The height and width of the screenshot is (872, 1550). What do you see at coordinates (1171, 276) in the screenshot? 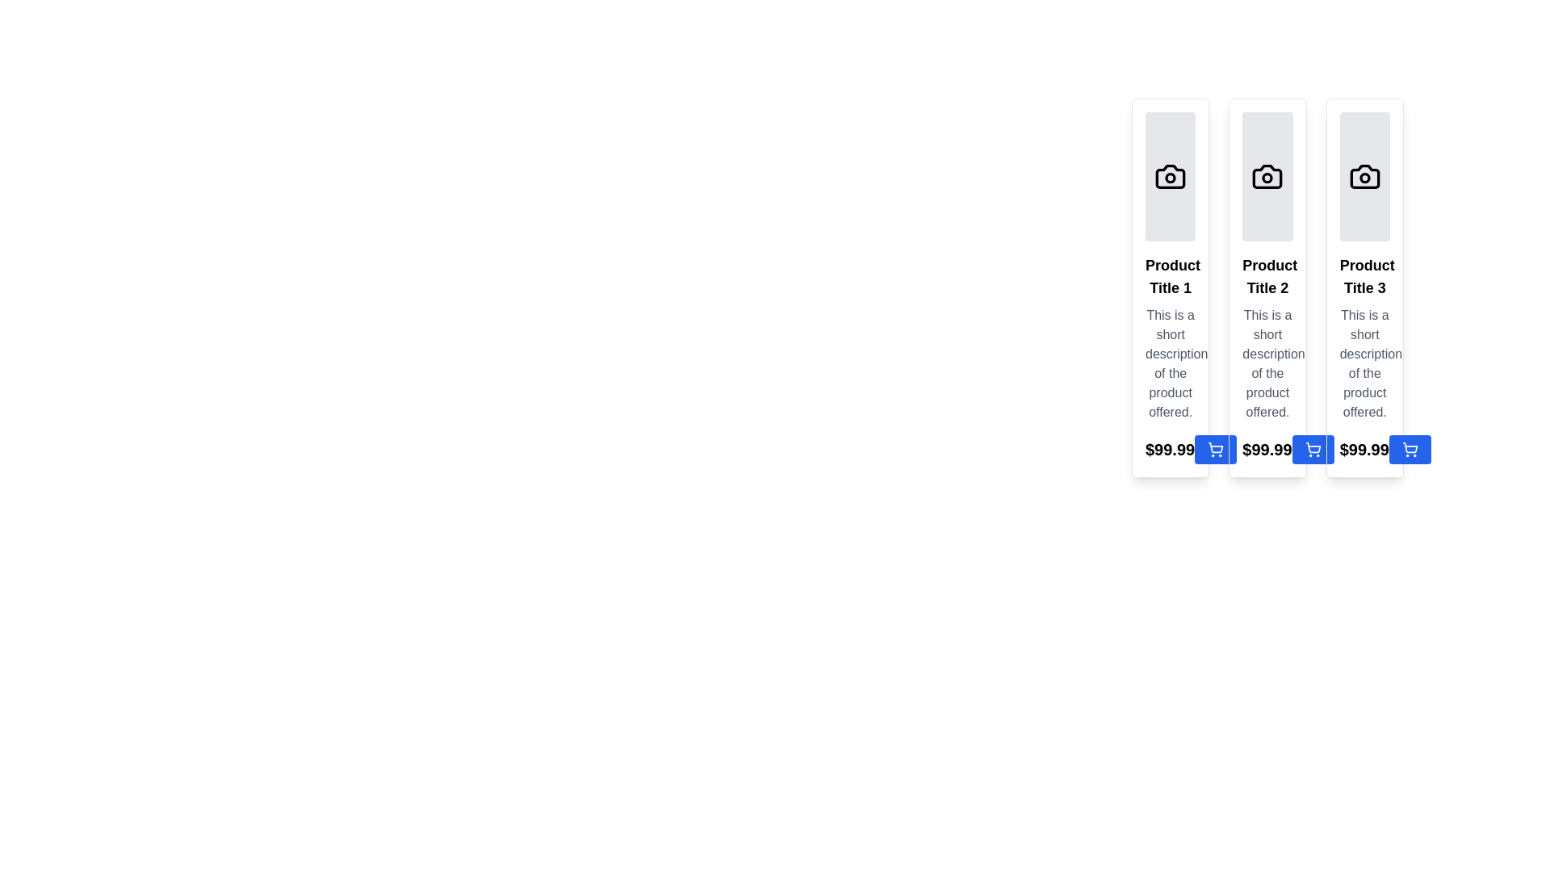
I see `the text label that displays the product title, which is located in the first column below the product image and above the text description` at bounding box center [1171, 276].